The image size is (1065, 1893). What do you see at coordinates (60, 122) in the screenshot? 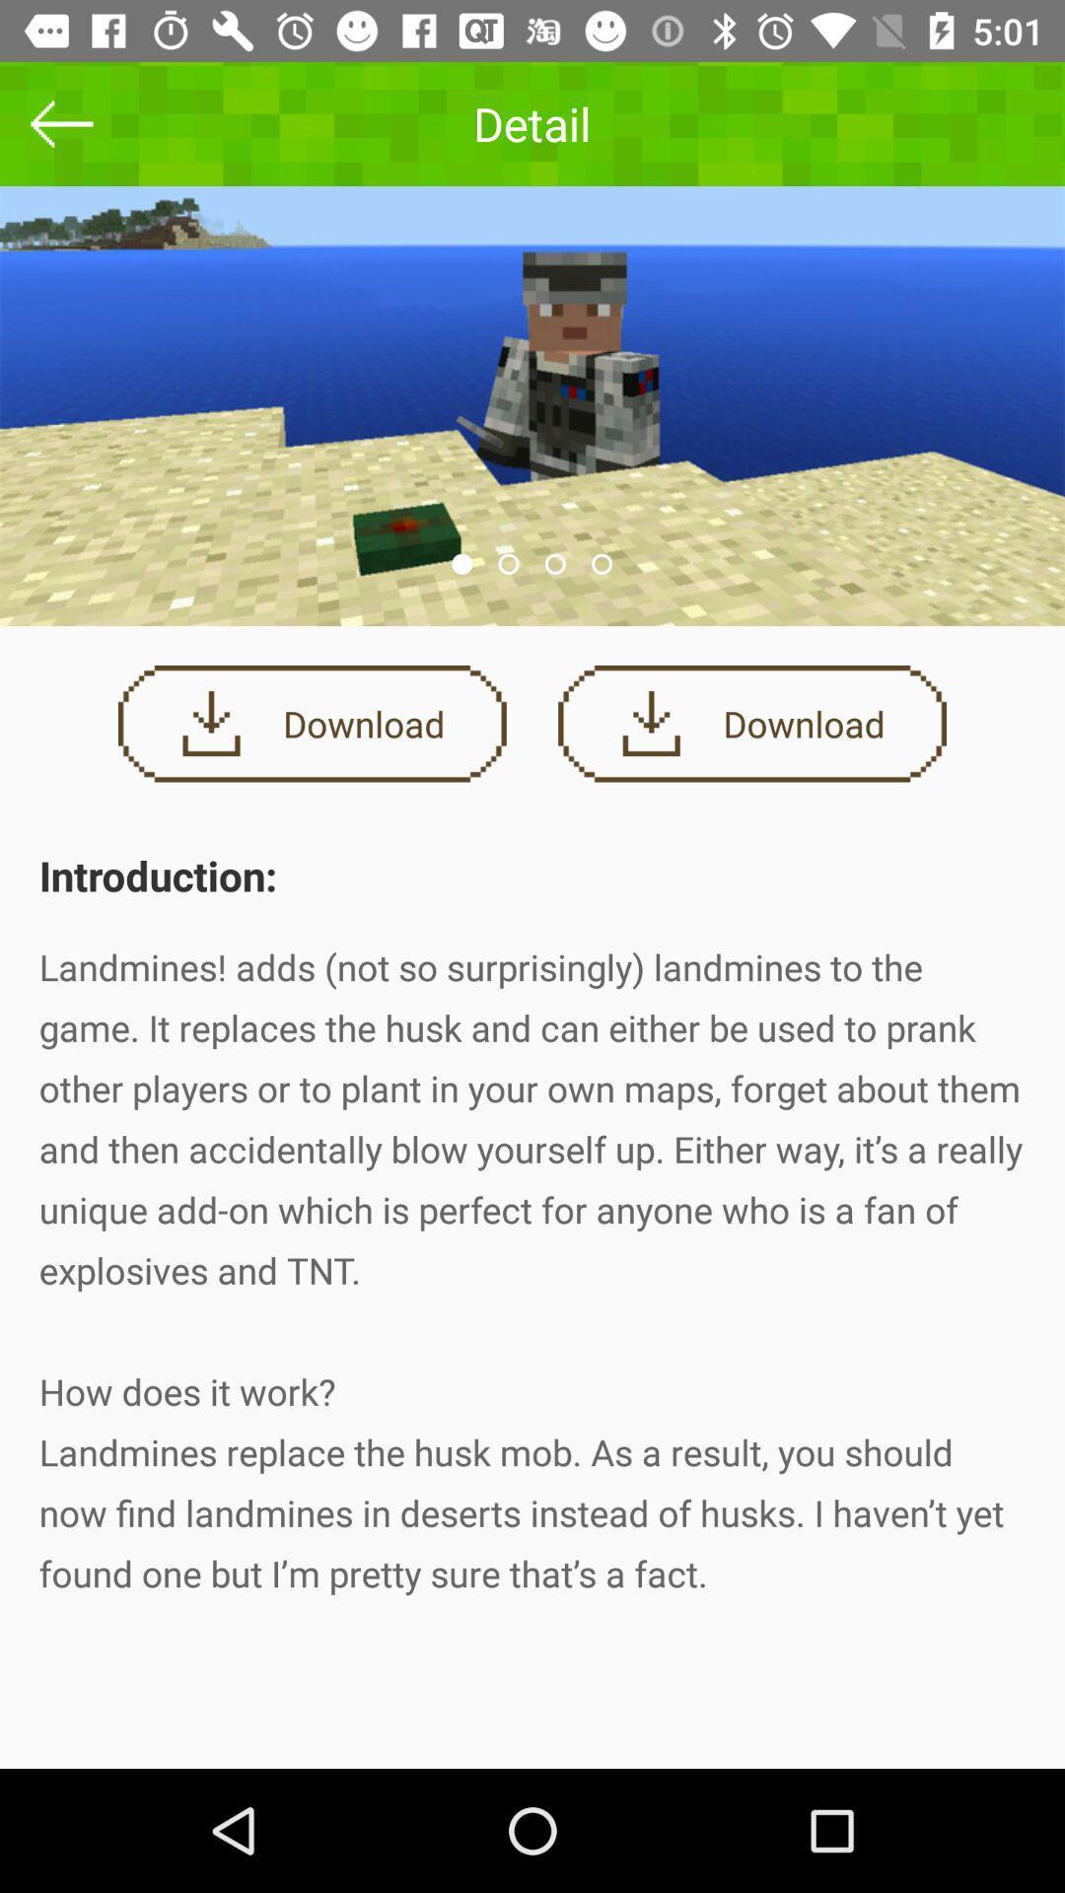
I see `the arrow_backward icon` at bounding box center [60, 122].